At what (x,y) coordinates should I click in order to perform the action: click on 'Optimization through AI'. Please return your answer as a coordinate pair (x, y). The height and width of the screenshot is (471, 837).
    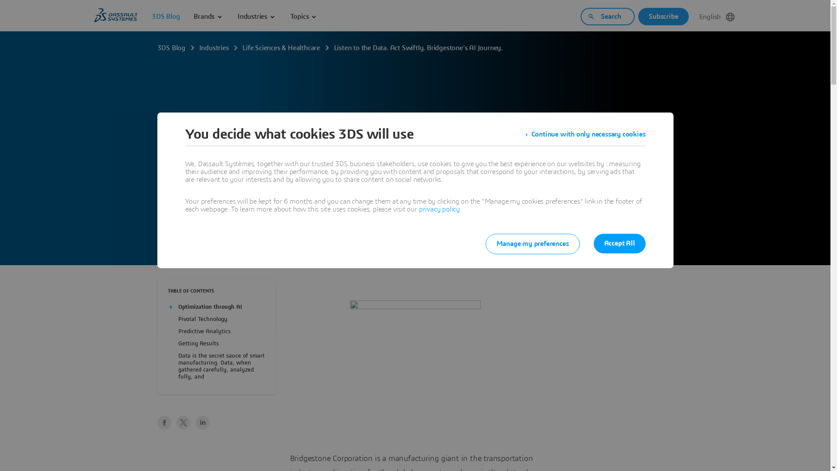
    Looking at the image, I should click on (209, 307).